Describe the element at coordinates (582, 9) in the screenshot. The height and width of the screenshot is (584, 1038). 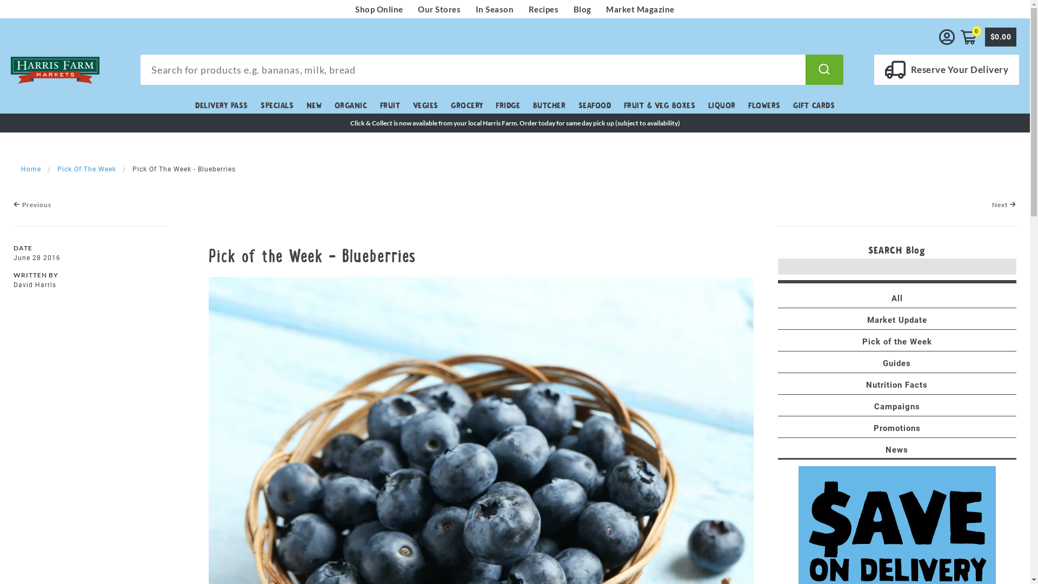
I see `'Blog'` at that location.